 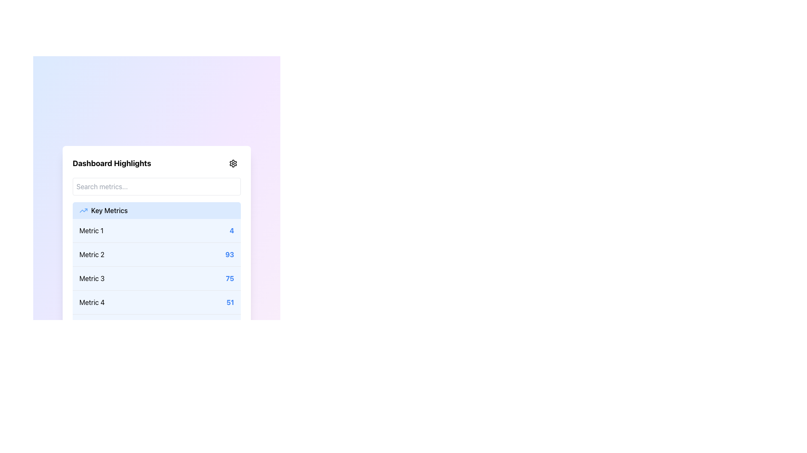 What do you see at coordinates (91, 254) in the screenshot?
I see `the Text Label element that identifies the specific metric in the second row of the Key Metrics list` at bounding box center [91, 254].